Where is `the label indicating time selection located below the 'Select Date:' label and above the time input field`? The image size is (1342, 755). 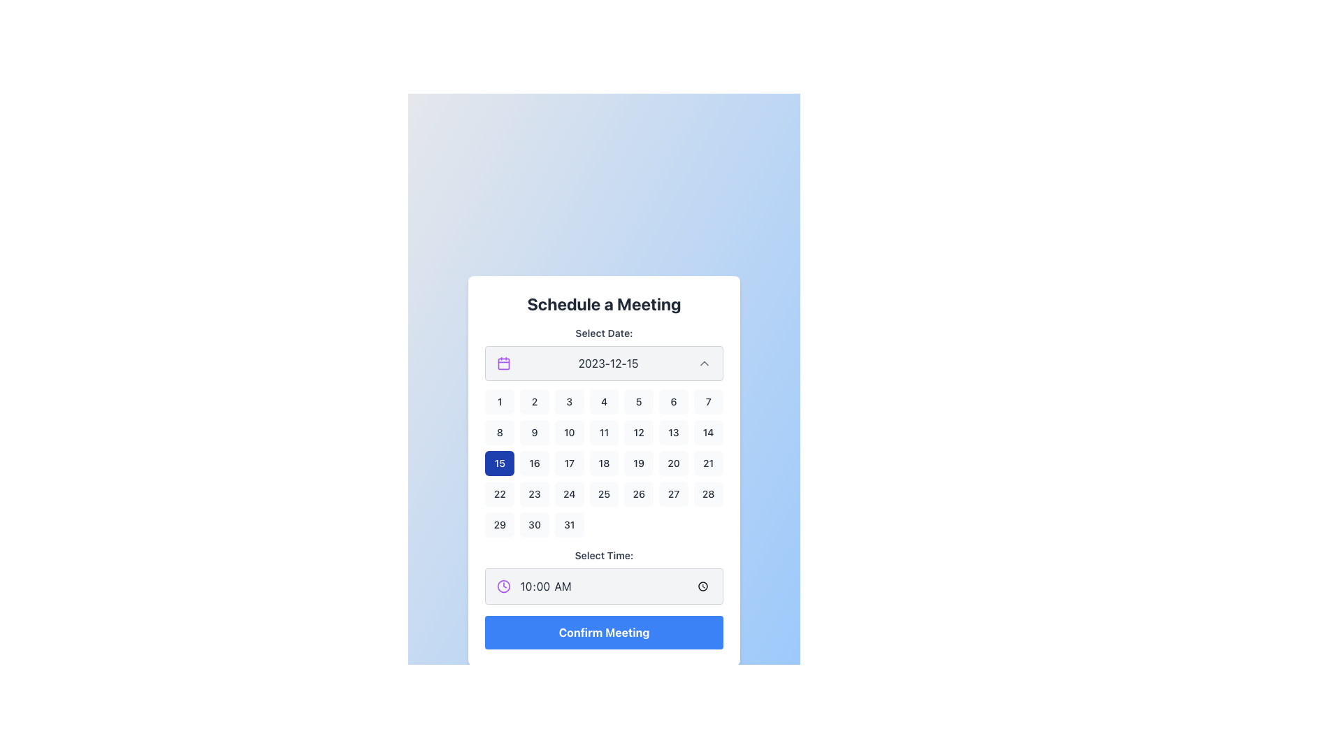 the label indicating time selection located below the 'Select Date:' label and above the time input field is located at coordinates (604, 554).